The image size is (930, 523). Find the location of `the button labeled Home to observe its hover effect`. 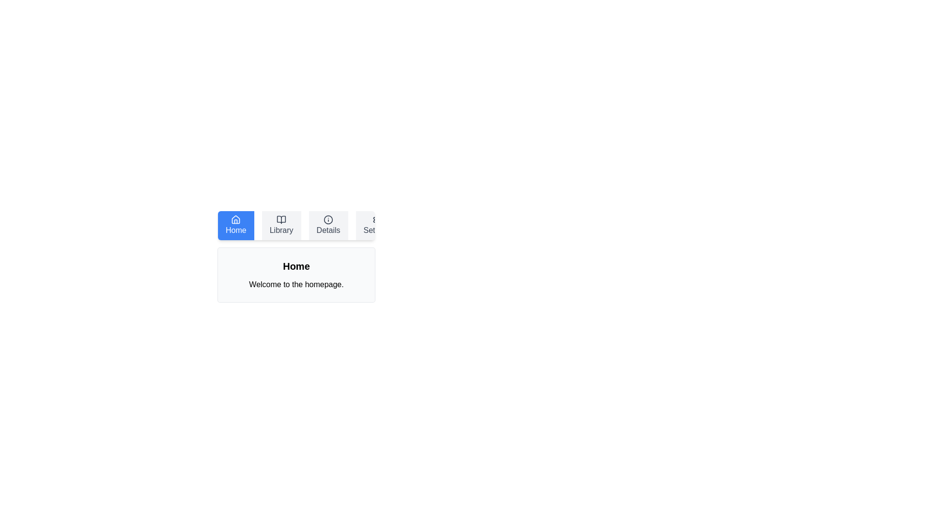

the button labeled Home to observe its hover effect is located at coordinates (236, 226).